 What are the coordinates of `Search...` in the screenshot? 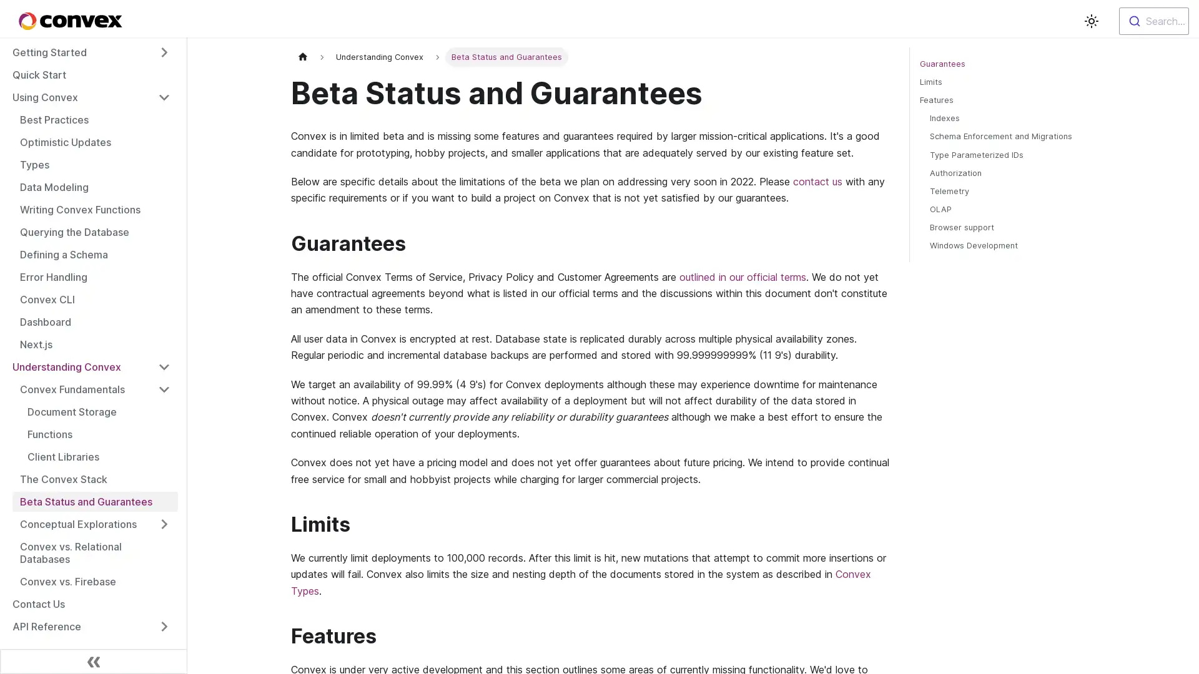 It's located at (1153, 21).